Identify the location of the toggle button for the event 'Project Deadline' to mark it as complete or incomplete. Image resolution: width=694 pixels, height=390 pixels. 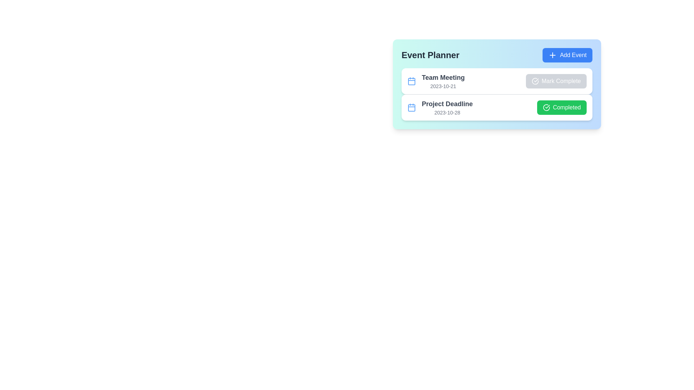
(561, 107).